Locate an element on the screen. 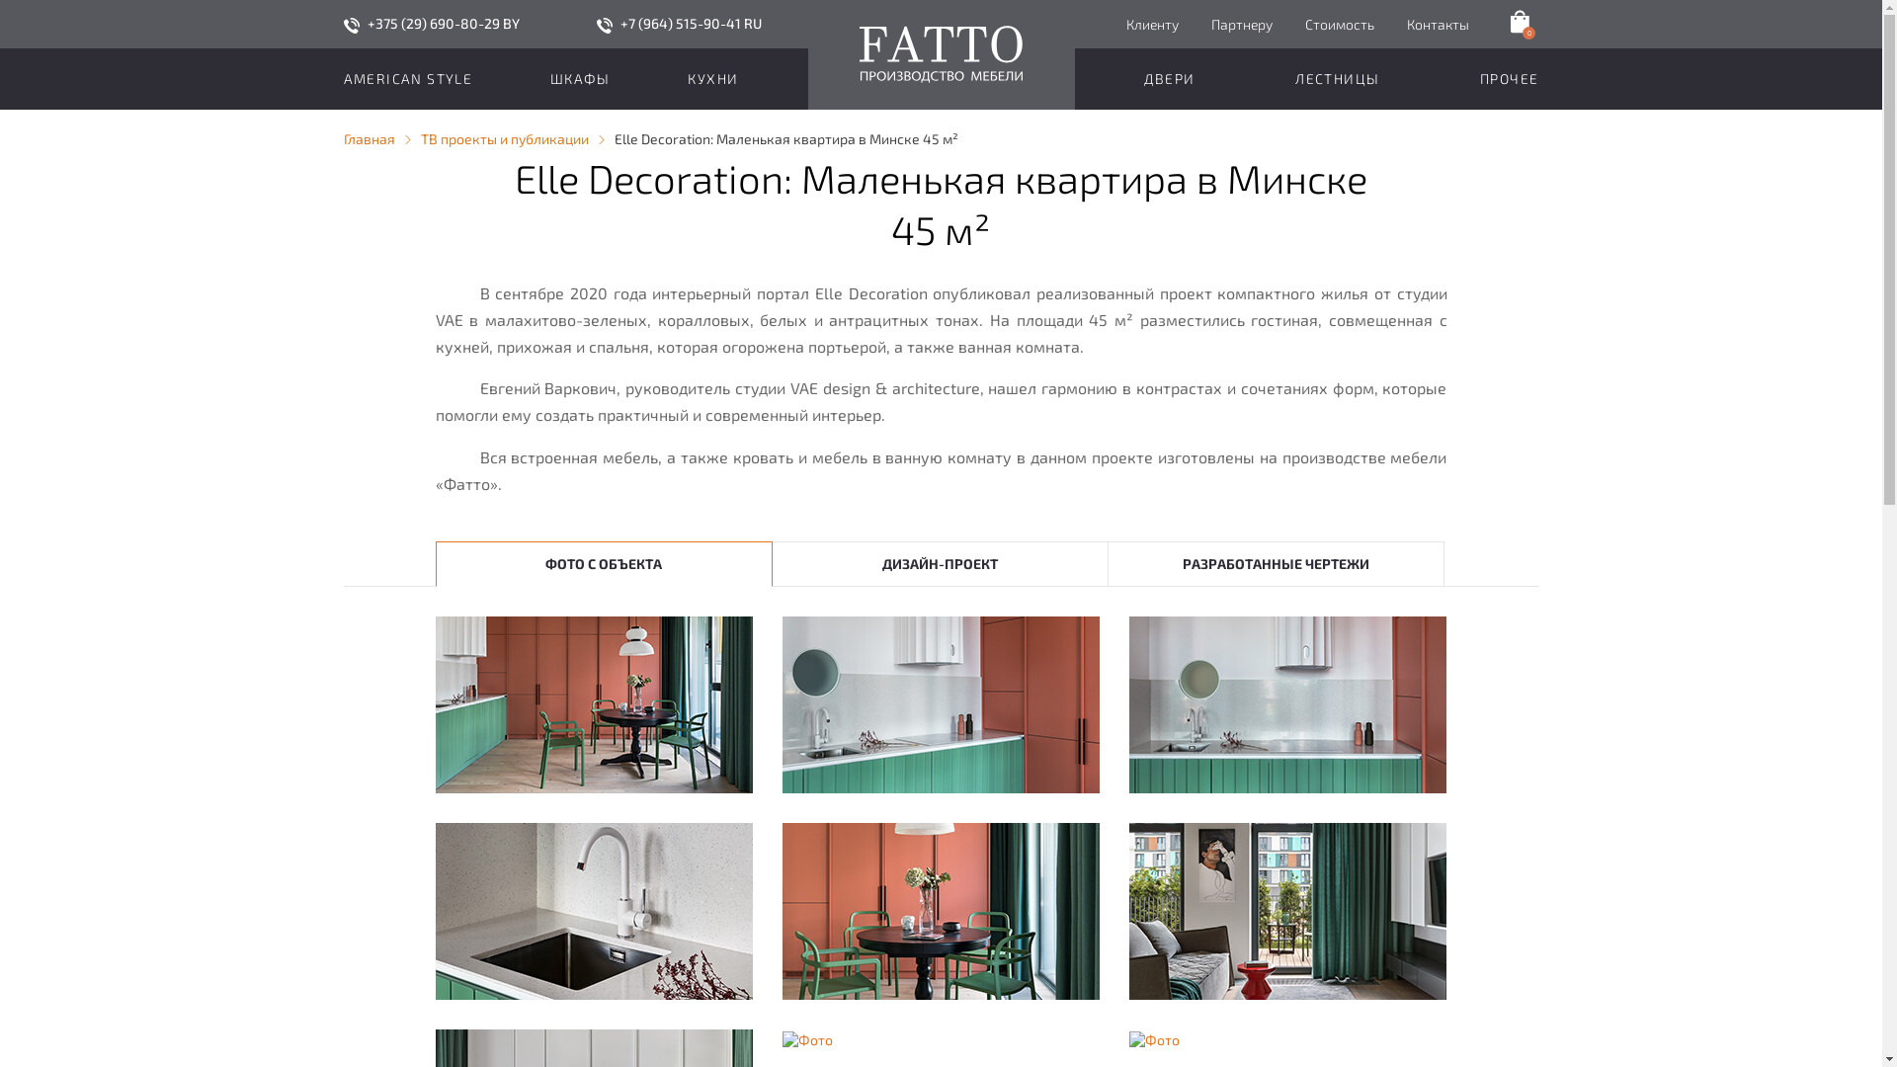 The width and height of the screenshot is (1897, 1067). '0' is located at coordinates (1517, 22).